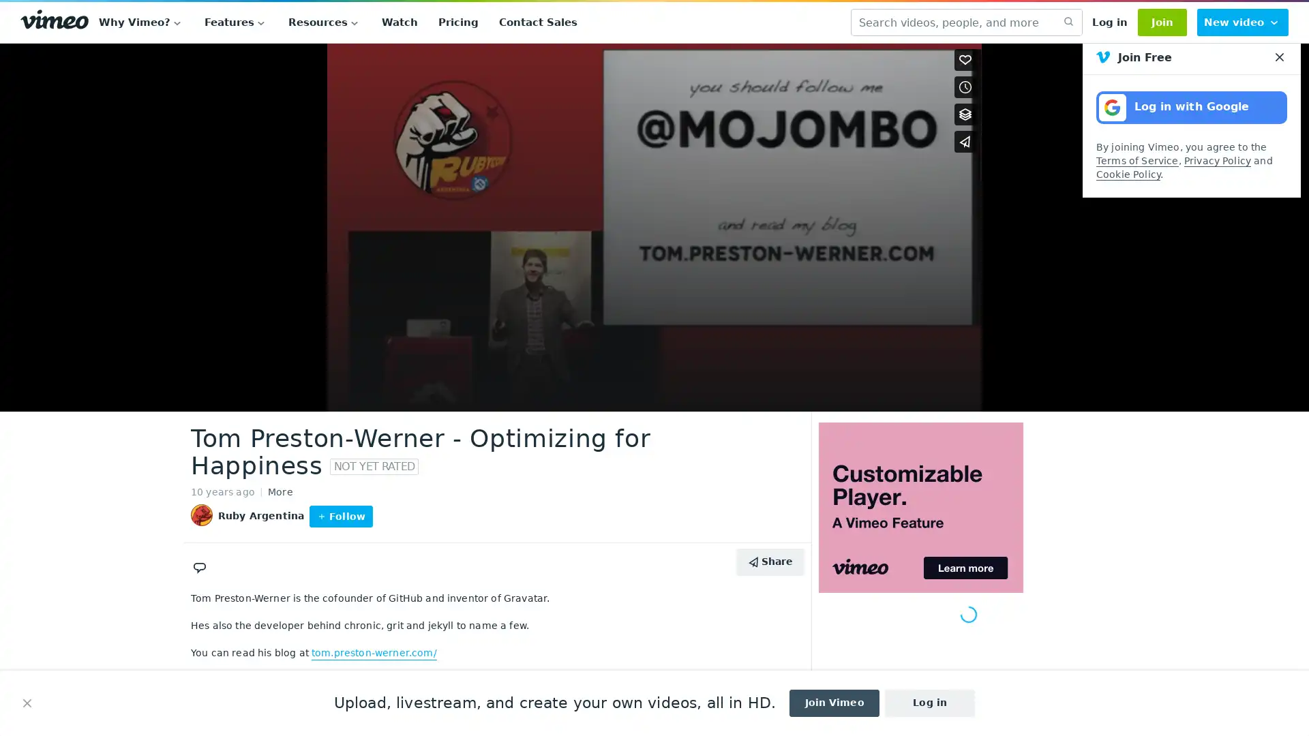 This screenshot has height=736, width=1309. I want to click on Close overlay, so click(964, 60).